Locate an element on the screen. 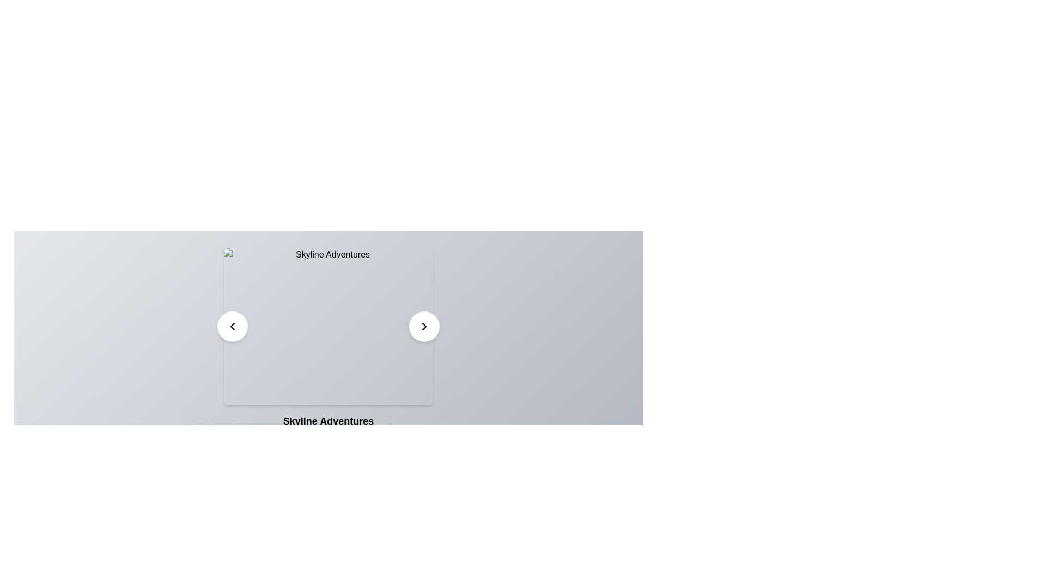 This screenshot has height=588, width=1046. the small right-arrow icon embedded within the circular button is located at coordinates (423, 326).